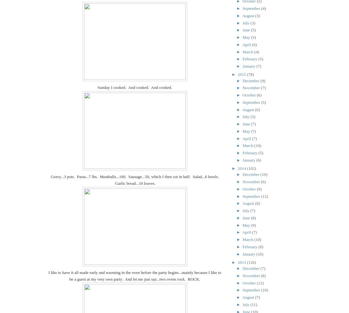 This screenshot has width=349, height=313. What do you see at coordinates (242, 74) in the screenshot?
I see `'2015'` at bounding box center [242, 74].